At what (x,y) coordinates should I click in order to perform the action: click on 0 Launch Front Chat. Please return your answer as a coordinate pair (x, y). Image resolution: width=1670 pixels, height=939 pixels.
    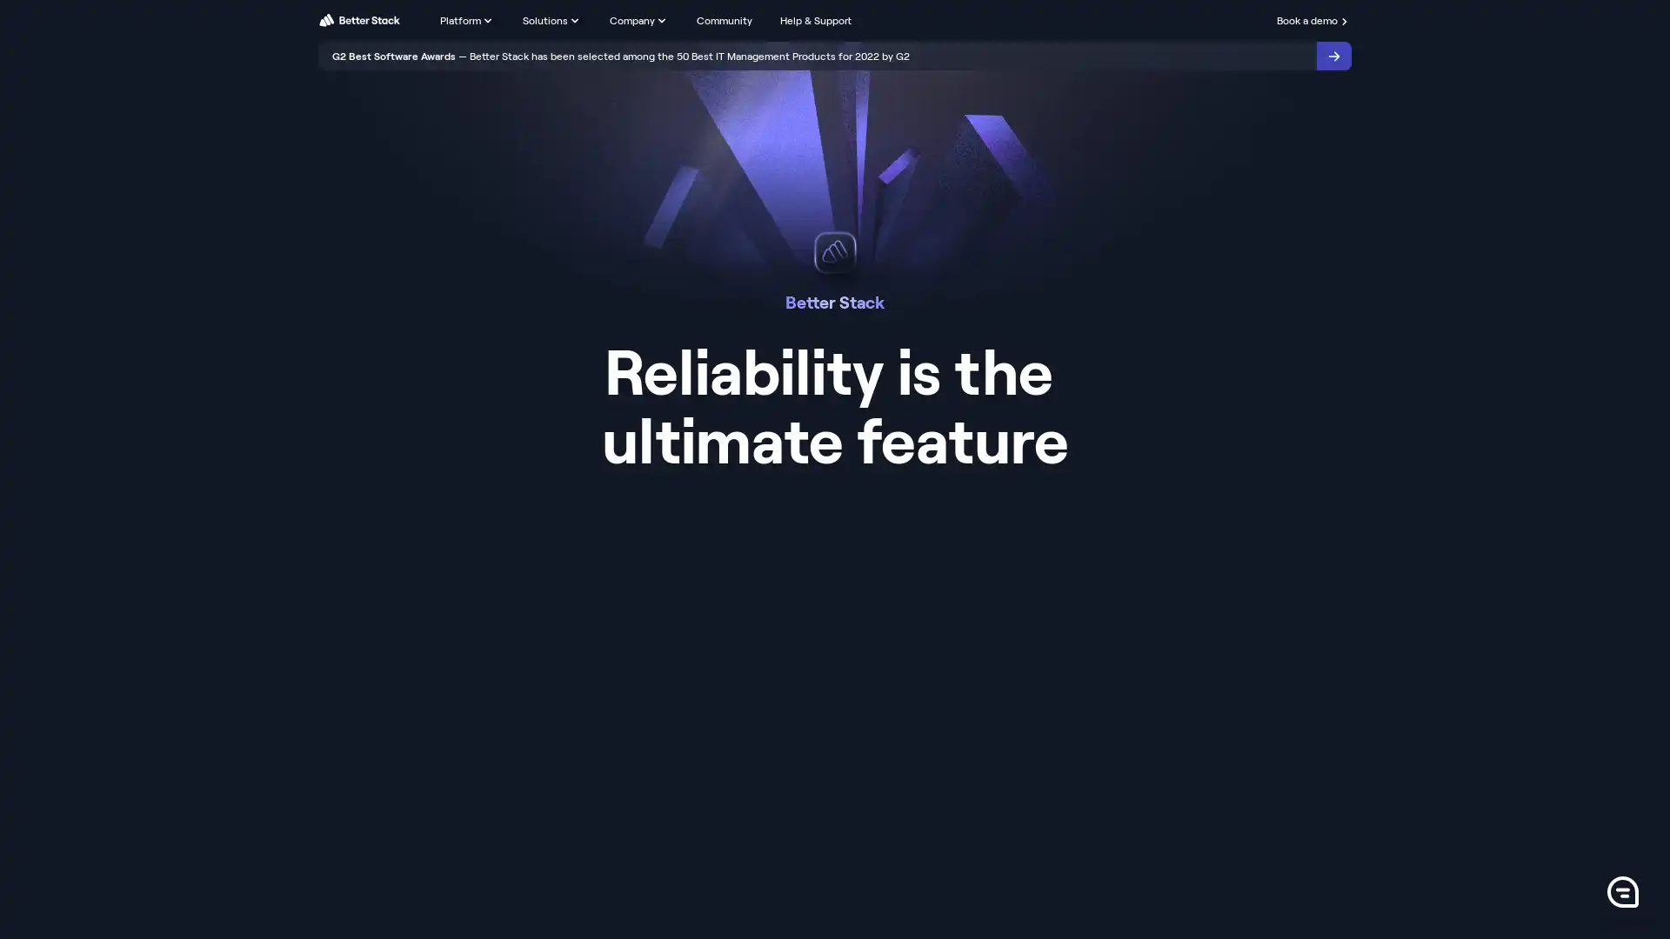
    Looking at the image, I should click on (1622, 892).